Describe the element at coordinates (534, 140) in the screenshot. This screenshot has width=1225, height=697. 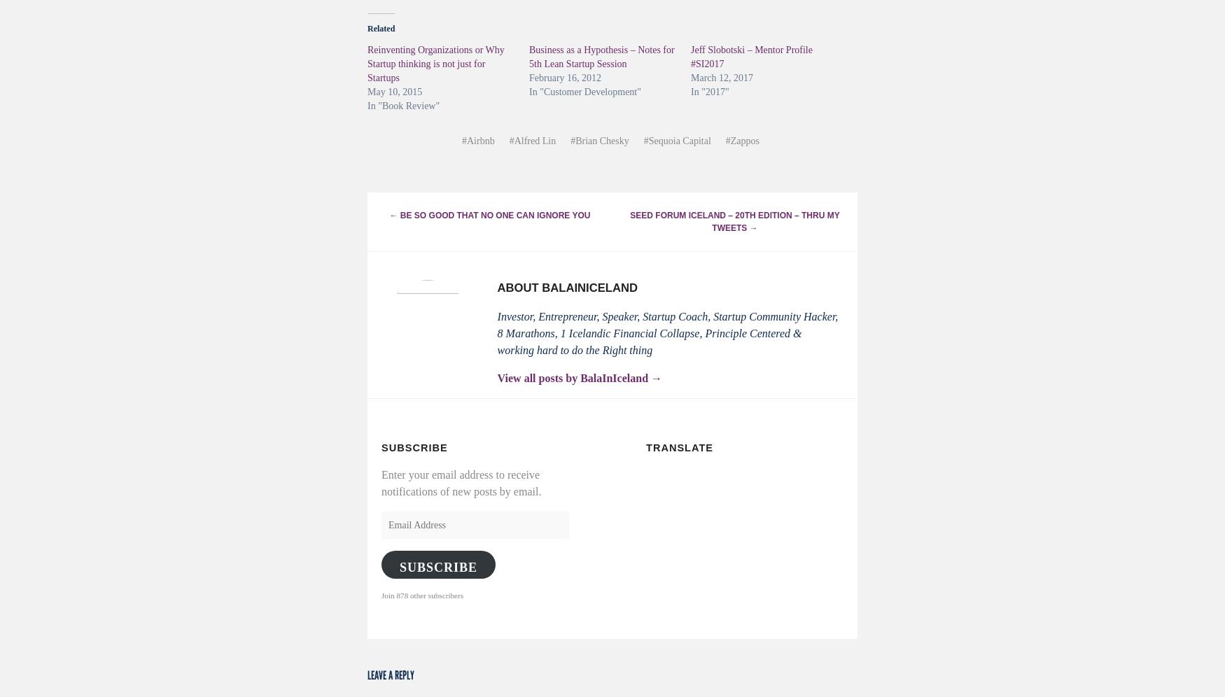
I see `'Alfred Lin'` at that location.